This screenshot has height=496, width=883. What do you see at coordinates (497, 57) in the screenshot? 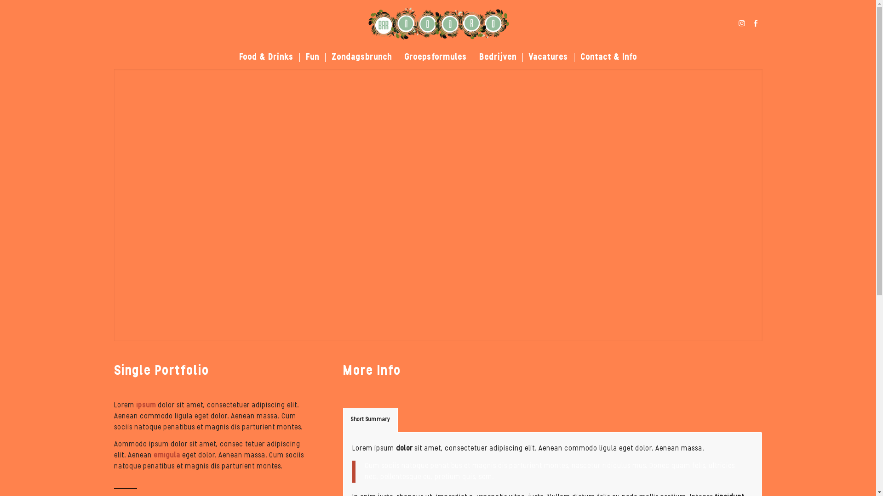
I see `'Bedrijven'` at bounding box center [497, 57].